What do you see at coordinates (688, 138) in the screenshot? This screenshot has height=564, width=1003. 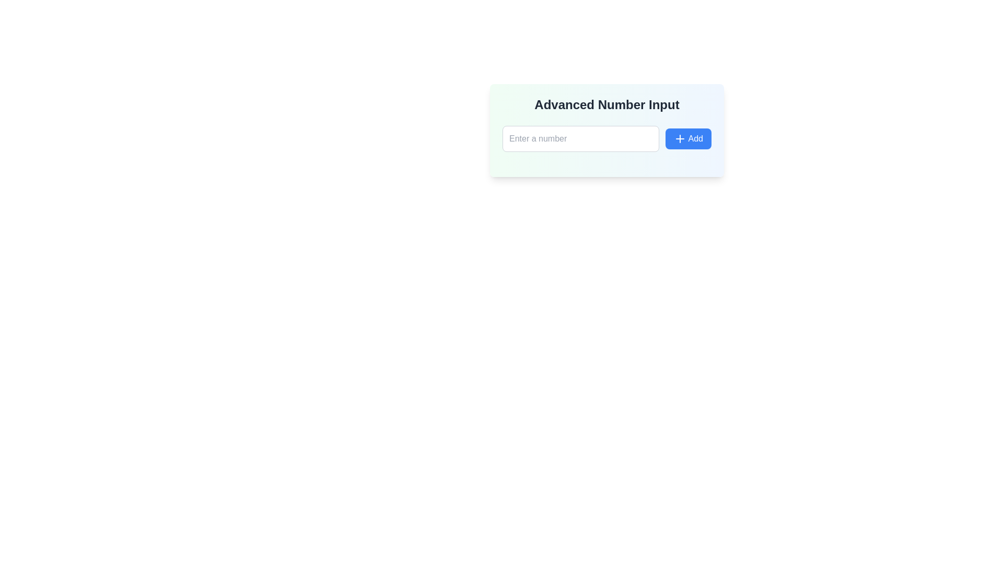 I see `the blue 'Add' button with white text` at bounding box center [688, 138].